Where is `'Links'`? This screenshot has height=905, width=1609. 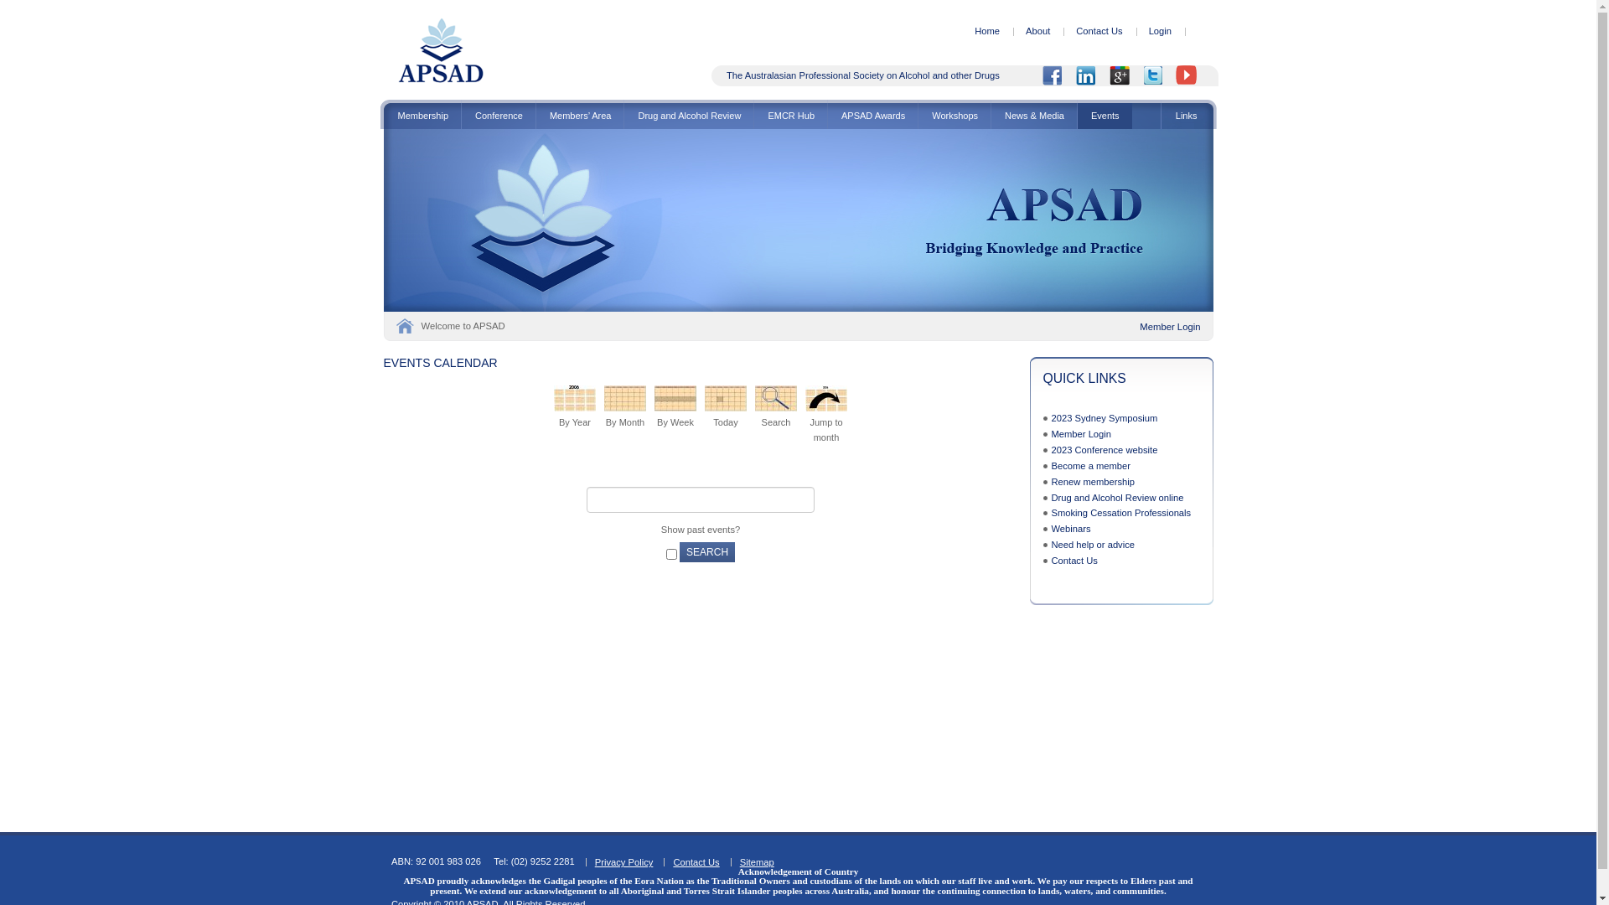
'Links' is located at coordinates (1186, 115).